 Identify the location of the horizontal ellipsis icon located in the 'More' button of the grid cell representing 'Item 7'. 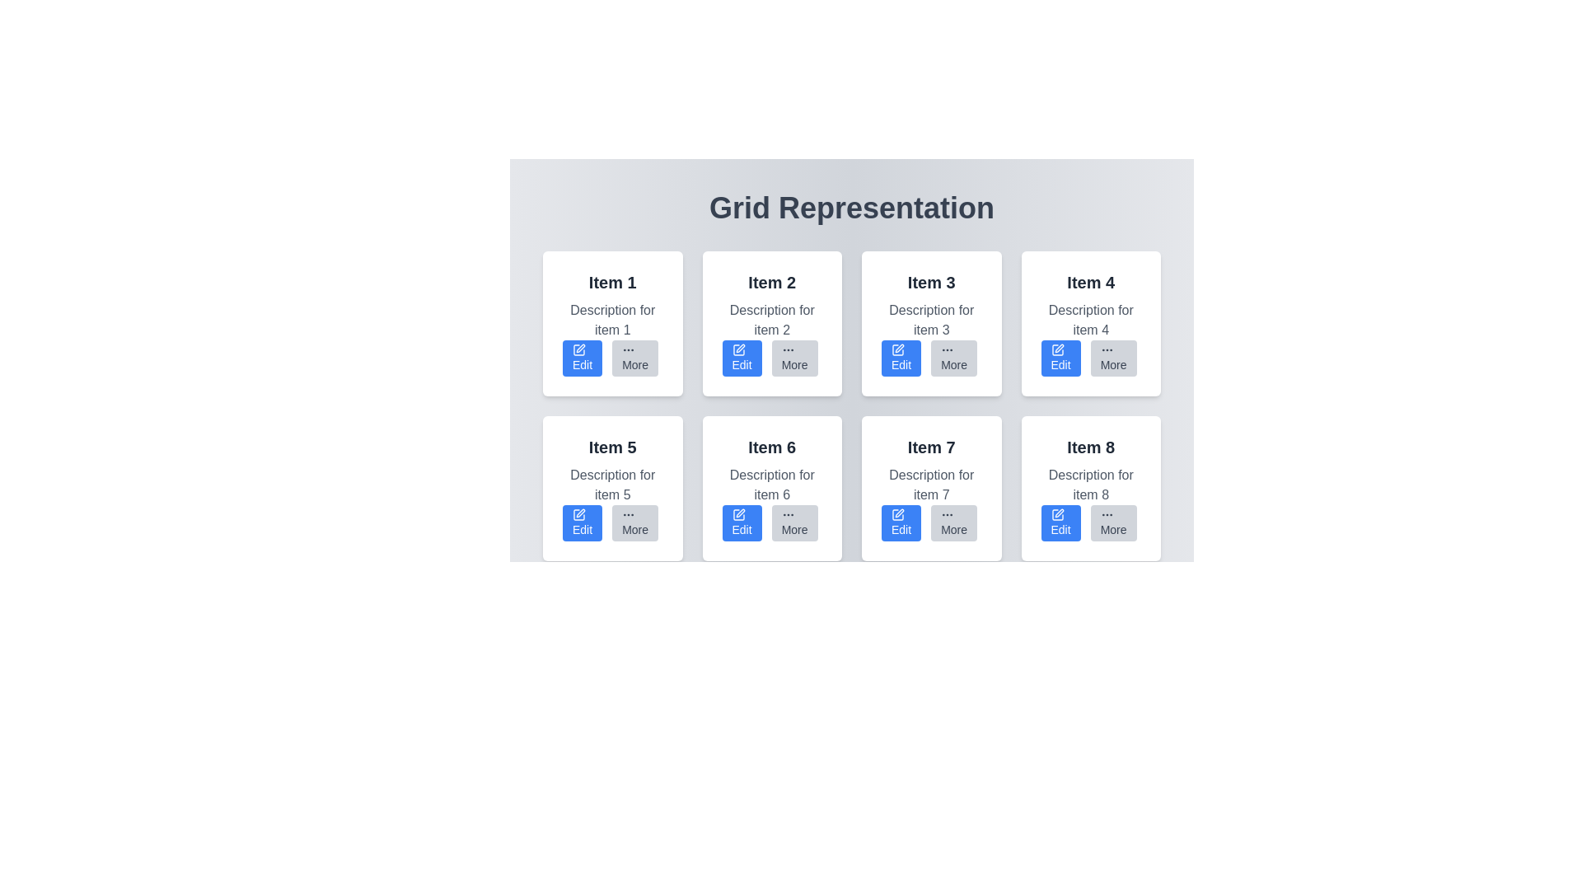
(948, 513).